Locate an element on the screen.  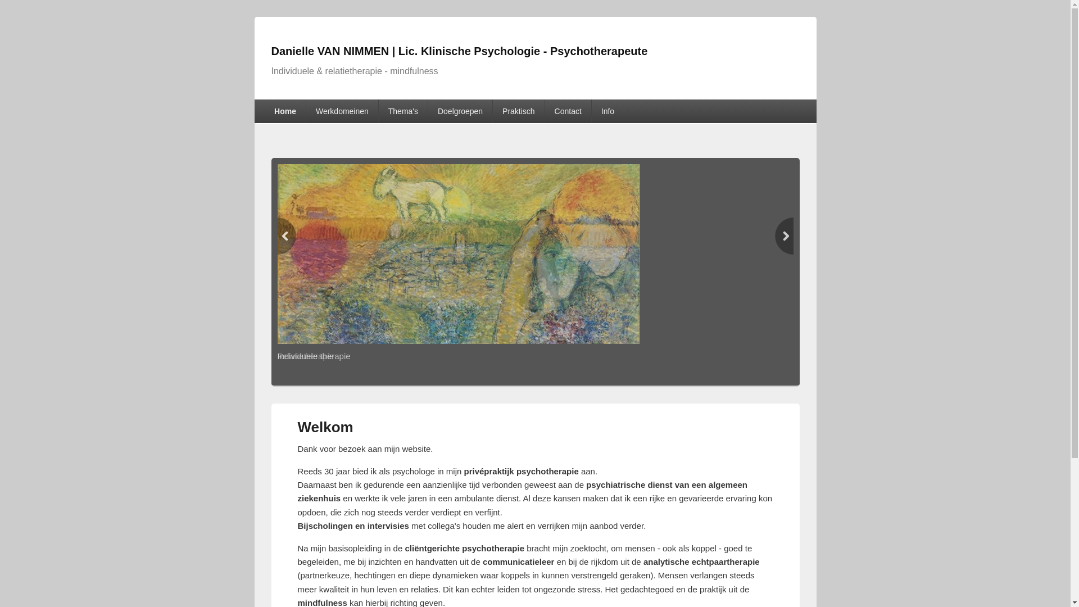
'Praktisch' is located at coordinates (518, 111).